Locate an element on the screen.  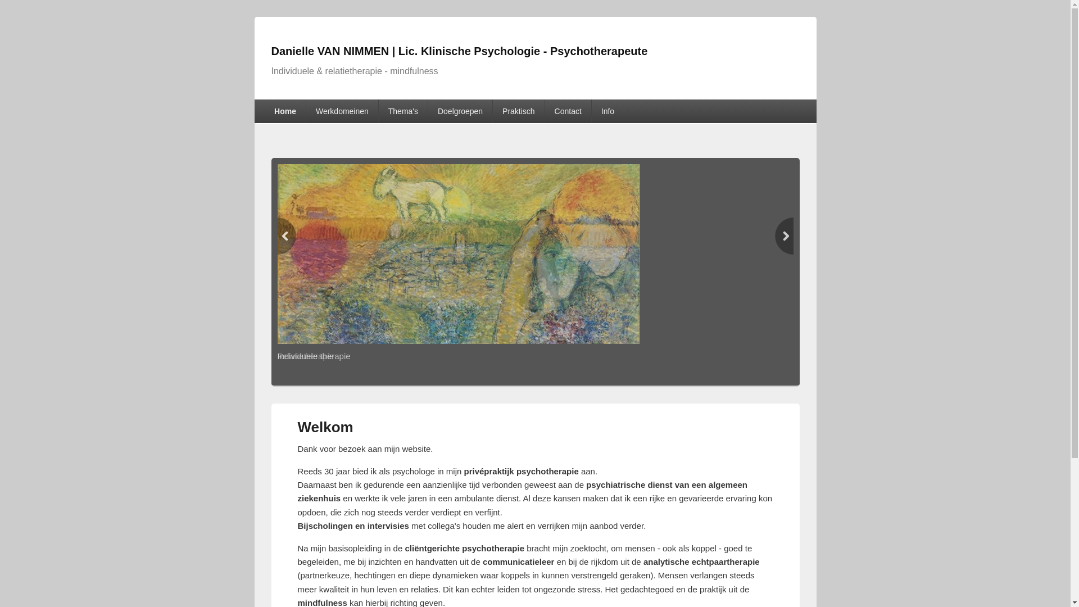
'Praktisch' is located at coordinates (518, 111).